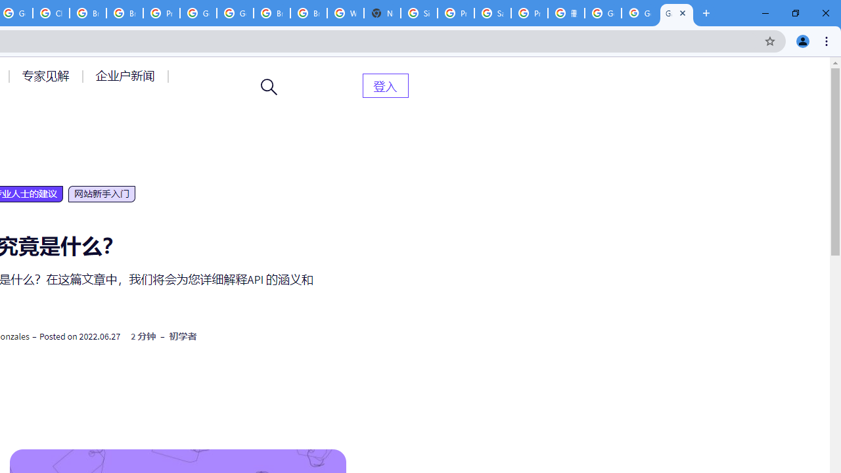  What do you see at coordinates (269, 87) in the screenshot?
I see `'Open search form'` at bounding box center [269, 87].